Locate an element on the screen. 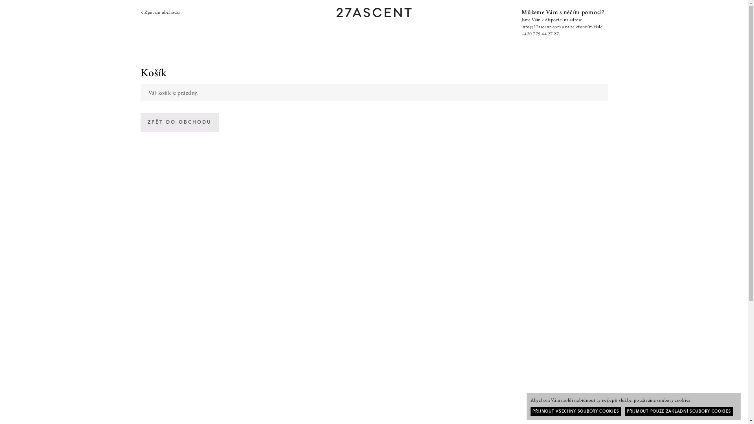 The height and width of the screenshot is (424, 754). 'info@27ascent.com' is located at coordinates (541, 26).